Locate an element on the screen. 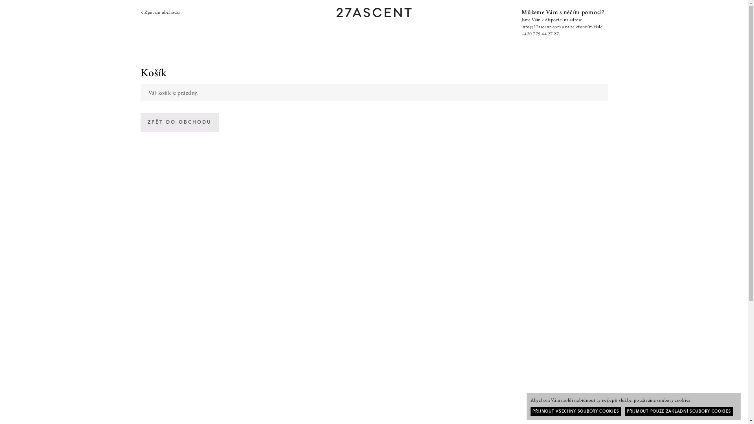 The height and width of the screenshot is (424, 754). 'info@27ascent.com' is located at coordinates (541, 26).